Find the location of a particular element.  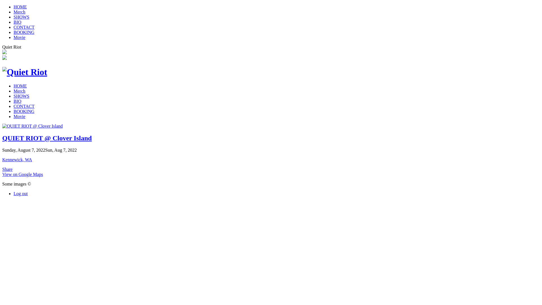

'QUIET RIOT @ Clover Island' is located at coordinates (32, 126).